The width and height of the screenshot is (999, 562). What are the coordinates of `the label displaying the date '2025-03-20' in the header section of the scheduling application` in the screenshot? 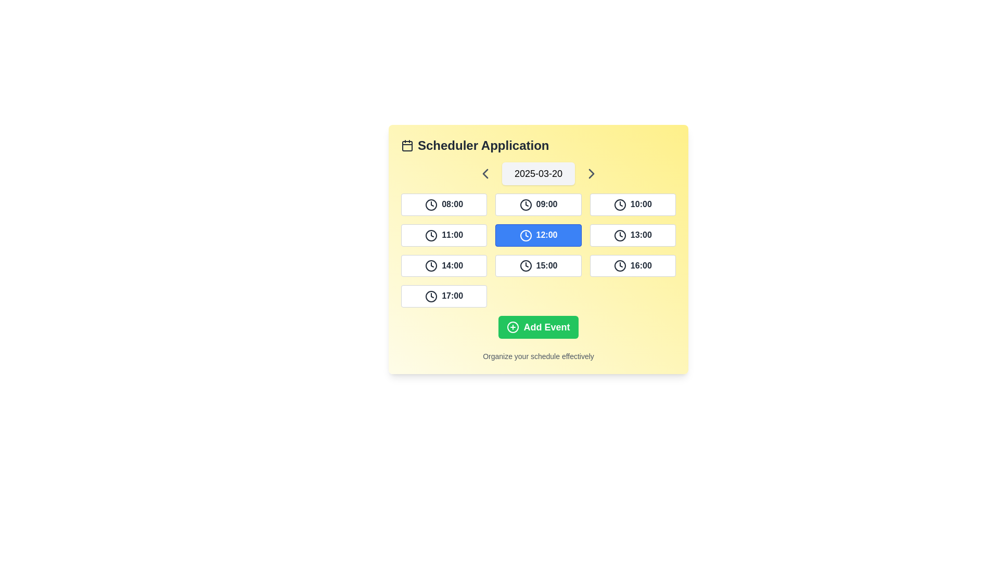 It's located at (539, 173).